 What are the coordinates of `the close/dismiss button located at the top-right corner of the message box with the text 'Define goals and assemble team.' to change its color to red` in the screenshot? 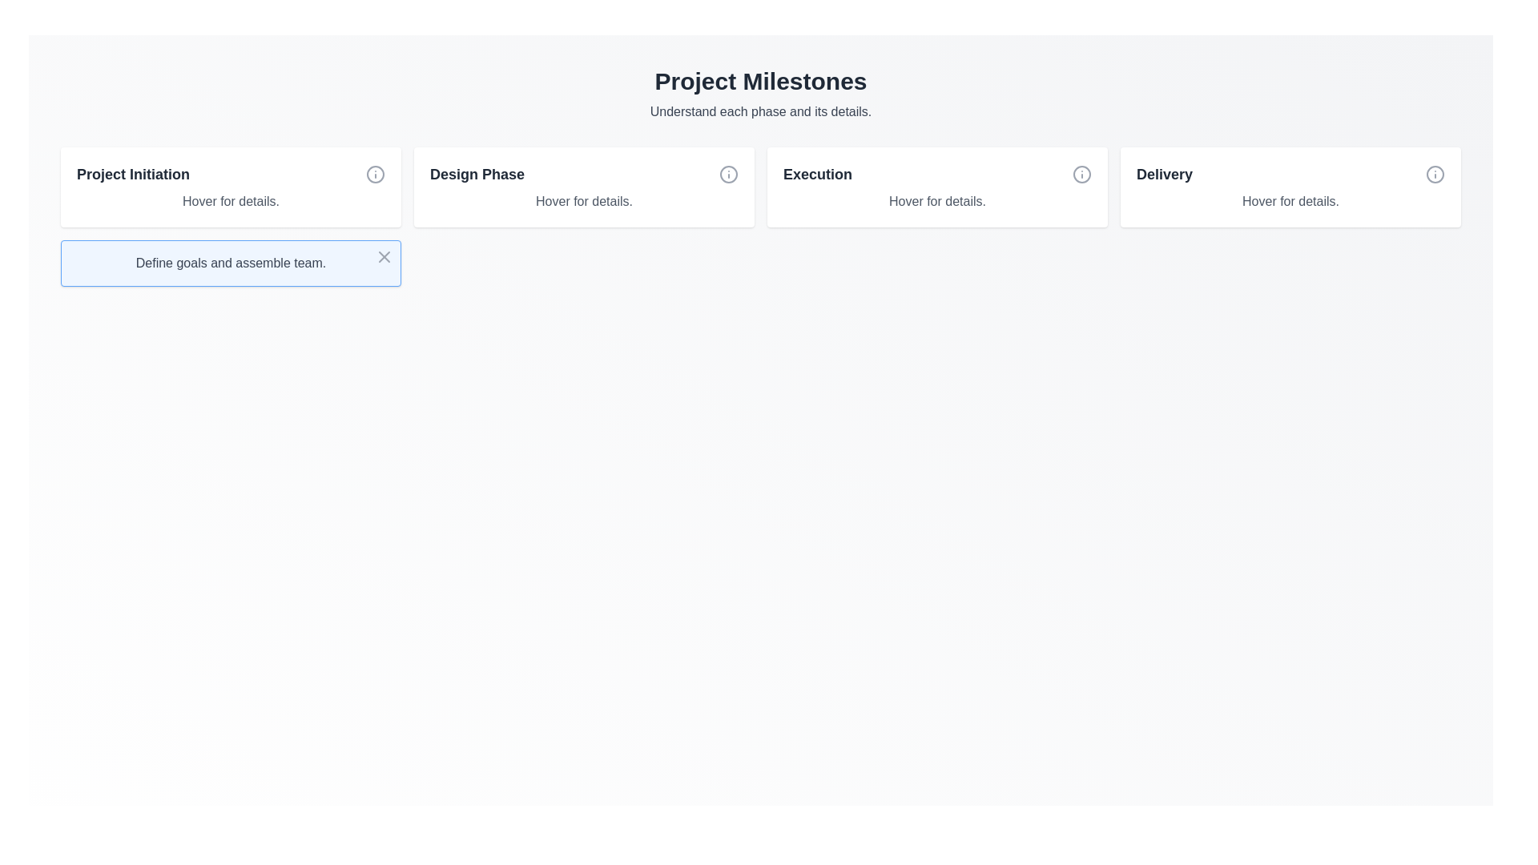 It's located at (384, 255).